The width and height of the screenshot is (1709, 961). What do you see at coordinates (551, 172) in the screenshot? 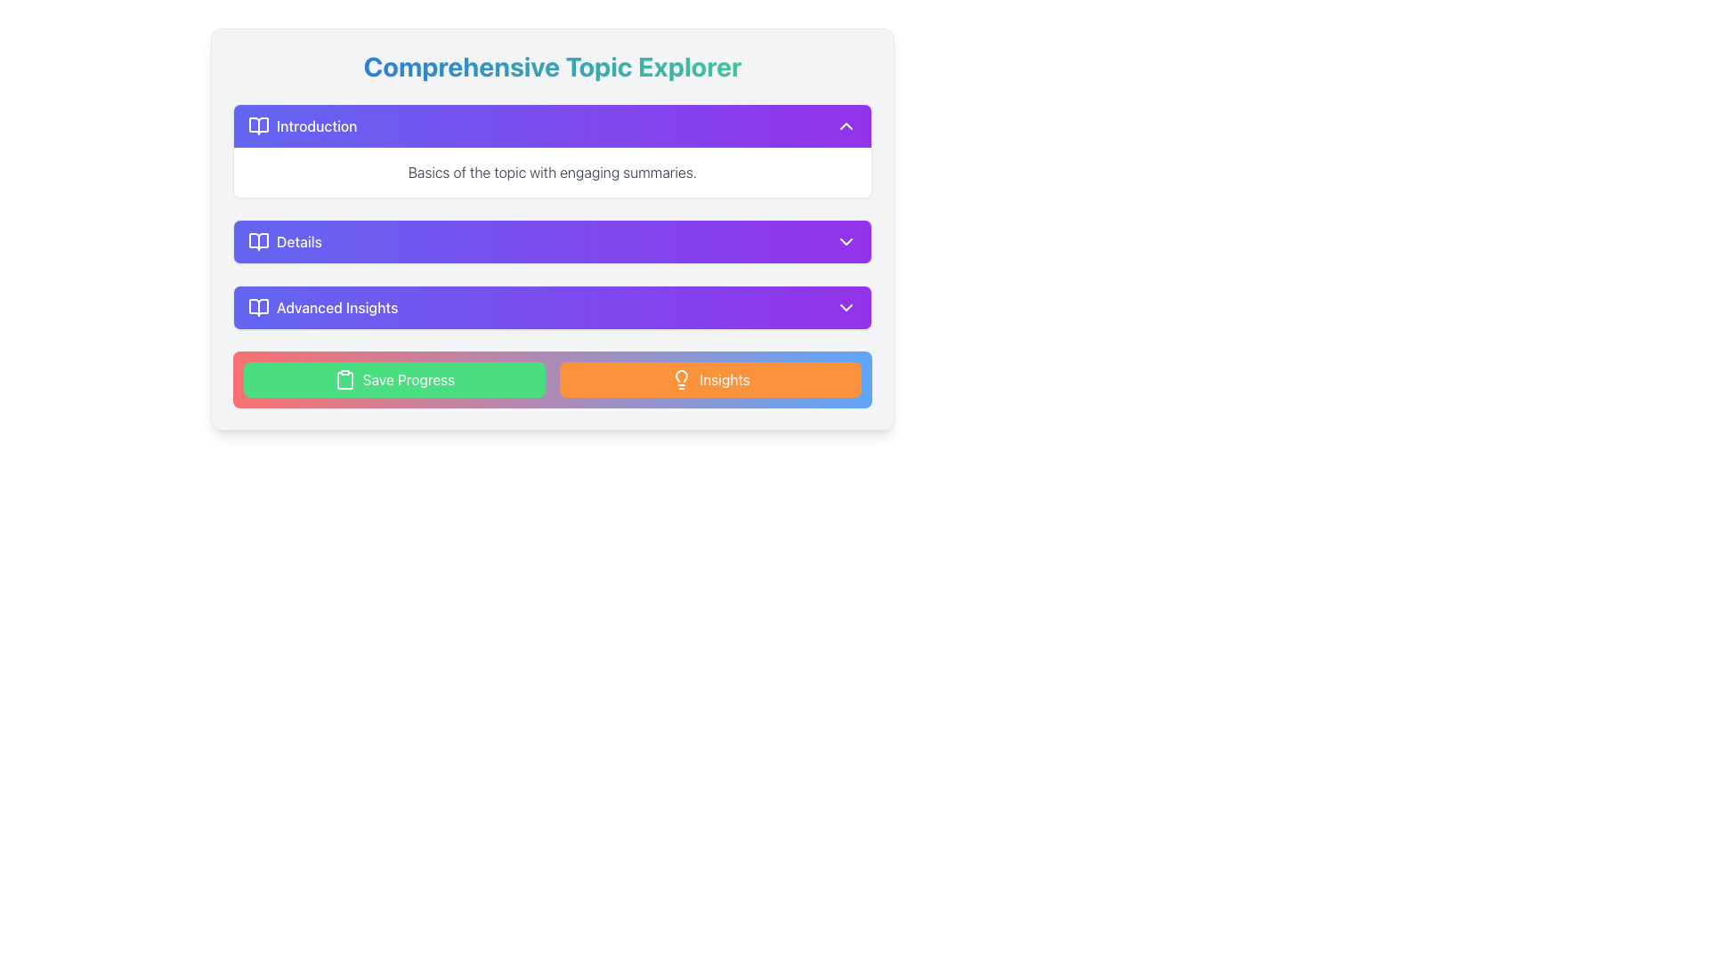
I see `the text label displaying 'Basics of the topic with engaging summaries.' in the 'Introduction' section of the 'Comprehensive Topic Explorer' interface` at bounding box center [551, 172].